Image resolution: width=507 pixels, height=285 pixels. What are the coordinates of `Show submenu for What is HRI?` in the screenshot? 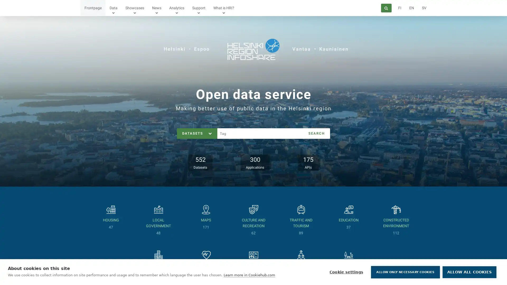 It's located at (224, 10).